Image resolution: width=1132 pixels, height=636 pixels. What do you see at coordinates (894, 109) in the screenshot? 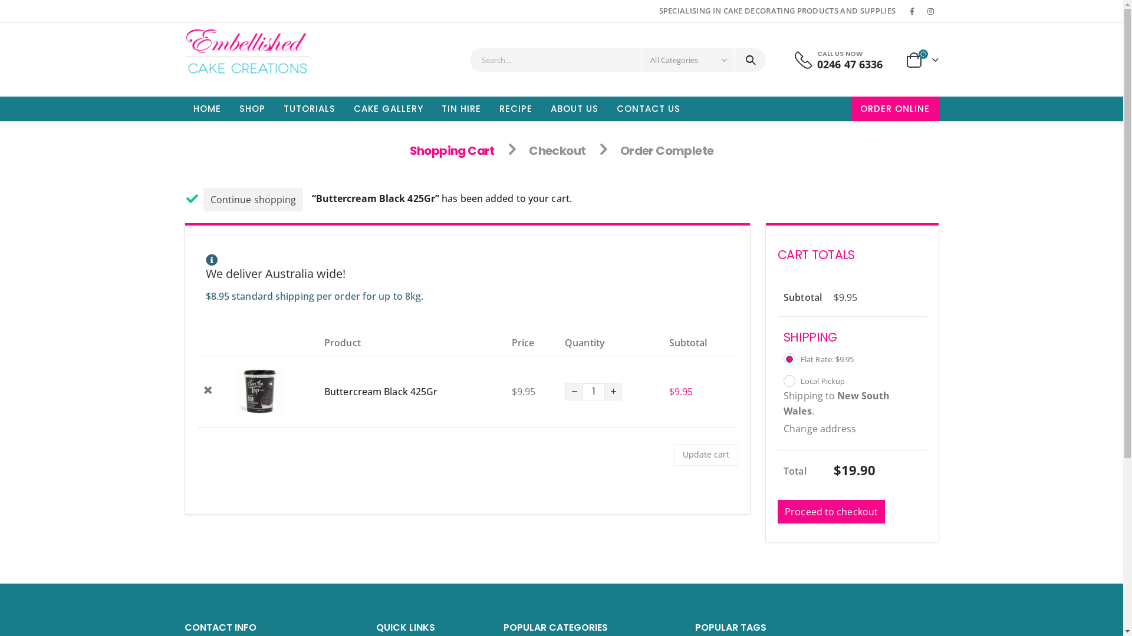
I see `'ORDER ONLINE'` at bounding box center [894, 109].